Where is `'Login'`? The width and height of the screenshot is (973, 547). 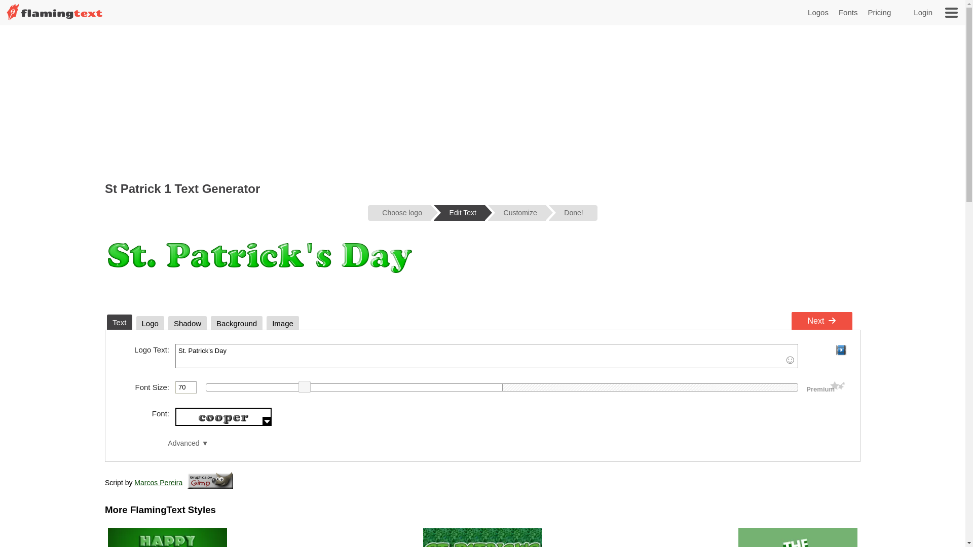 'Login' is located at coordinates (914, 12).